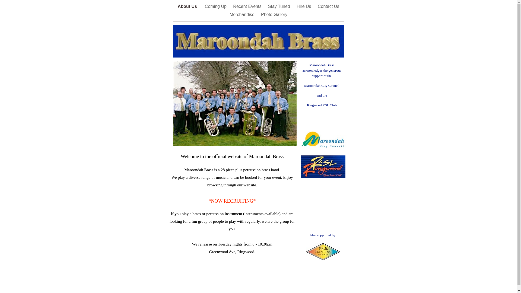  I want to click on 'Contact Us', so click(318, 6).